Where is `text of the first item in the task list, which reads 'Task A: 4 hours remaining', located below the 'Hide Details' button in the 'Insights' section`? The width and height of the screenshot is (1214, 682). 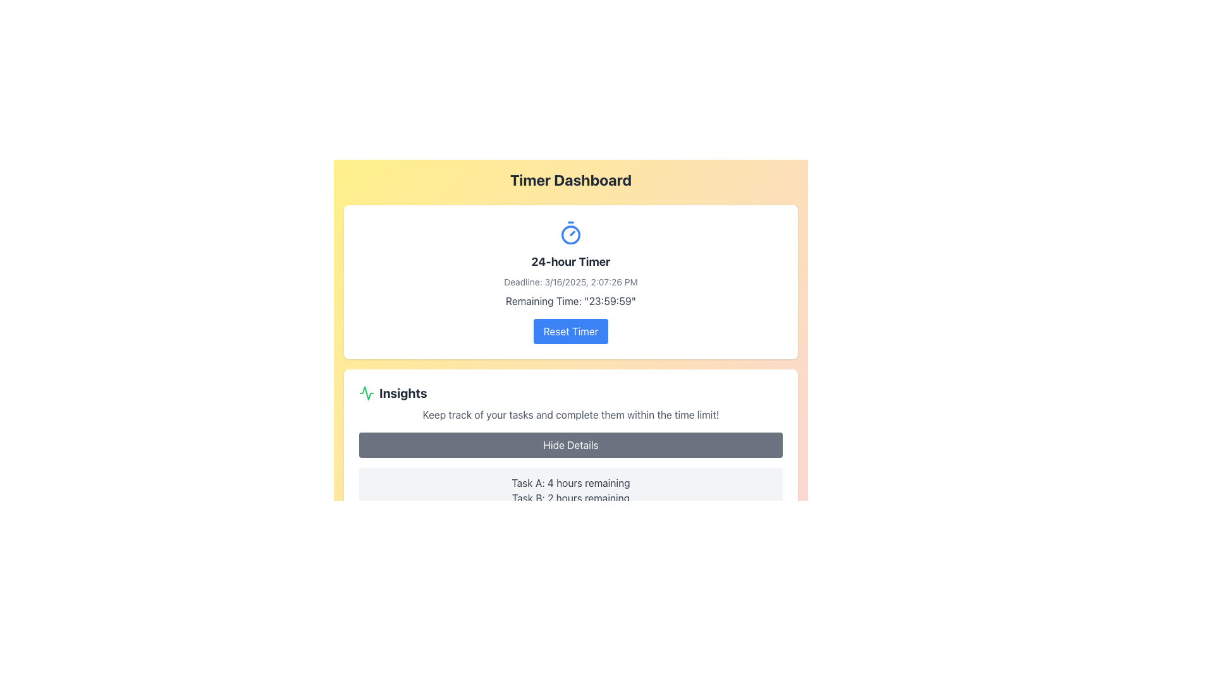 text of the first item in the task list, which reads 'Task A: 4 hours remaining', located below the 'Hide Details' button in the 'Insights' section is located at coordinates (570, 482).